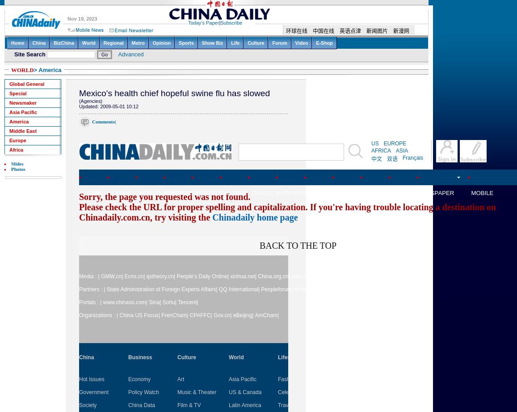 This screenshot has width=517, height=412. I want to click on 'CPAFFC|', so click(200, 315).